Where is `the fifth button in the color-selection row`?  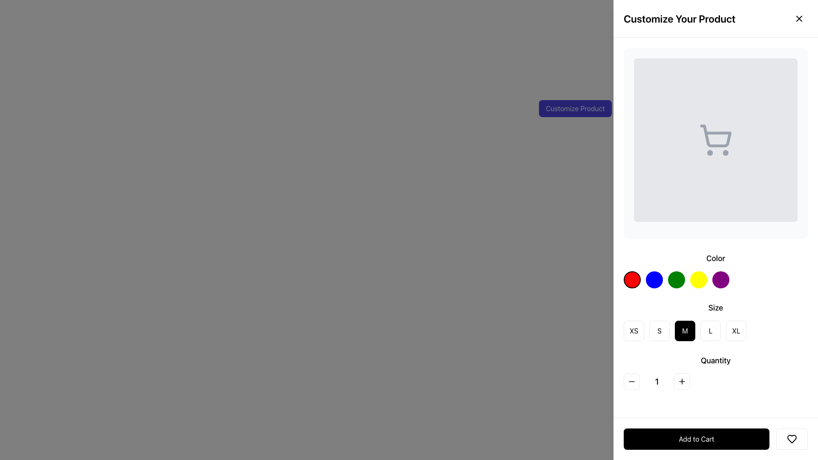 the fifth button in the color-selection row is located at coordinates (720, 279).